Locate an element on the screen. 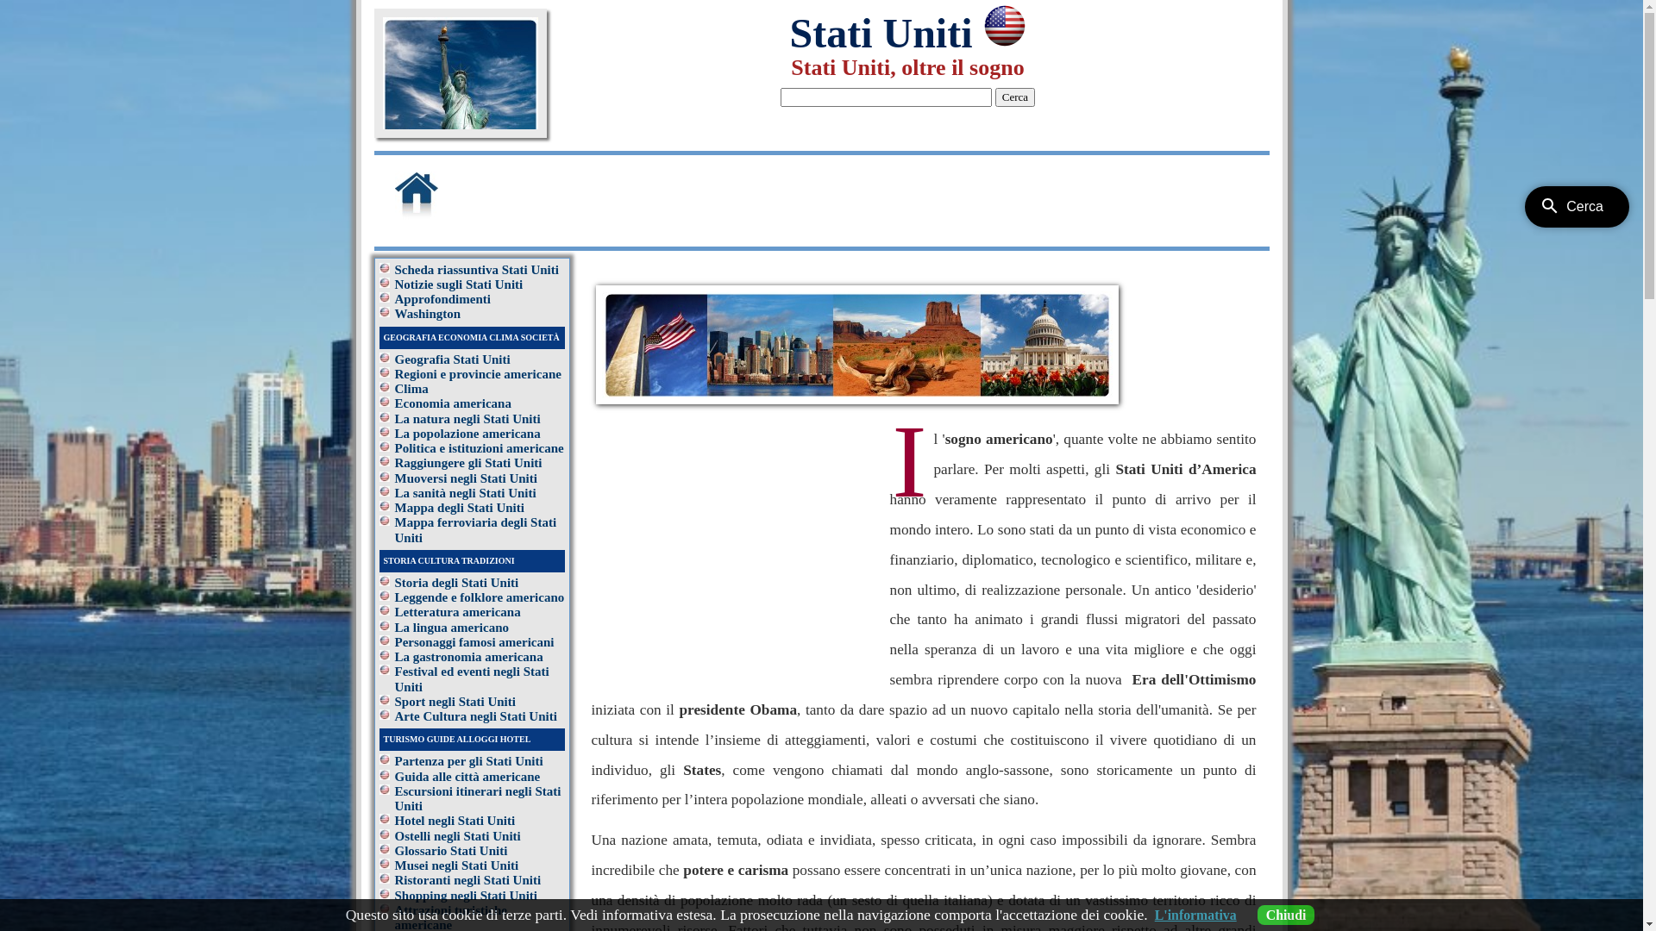 Image resolution: width=1656 pixels, height=931 pixels. 'Mappa ferroviaria degli Stati Uniti' is located at coordinates (476, 528).